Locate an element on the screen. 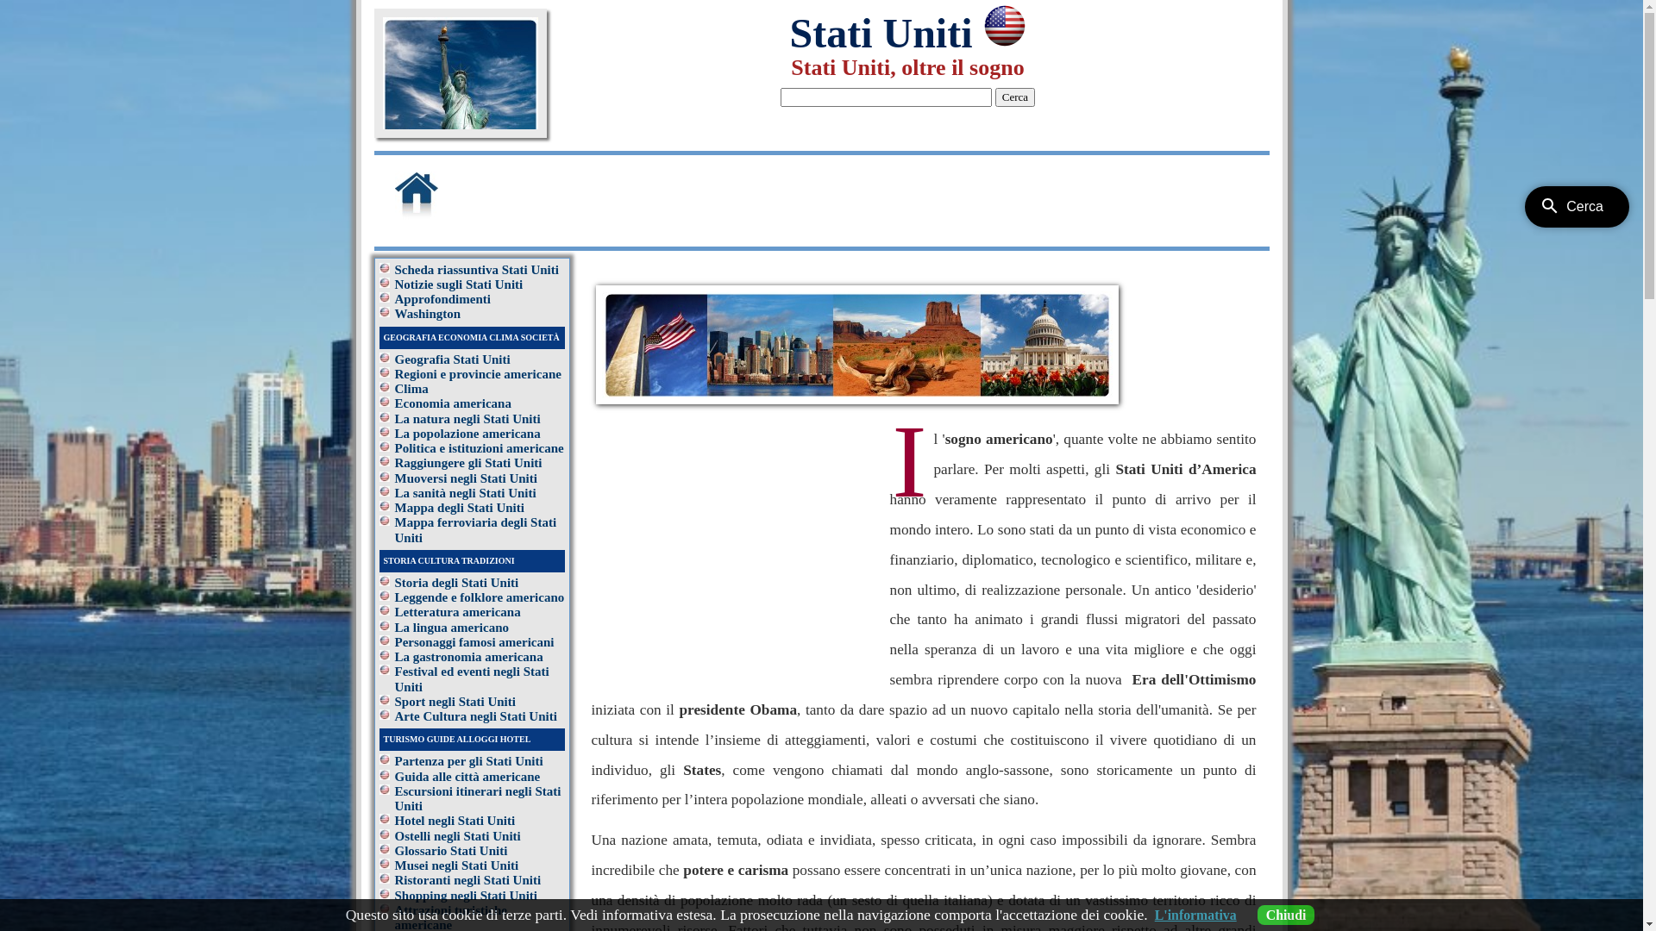 Image resolution: width=1656 pixels, height=931 pixels. 'Mappa ferroviaria degli Stati Uniti' is located at coordinates (476, 528).